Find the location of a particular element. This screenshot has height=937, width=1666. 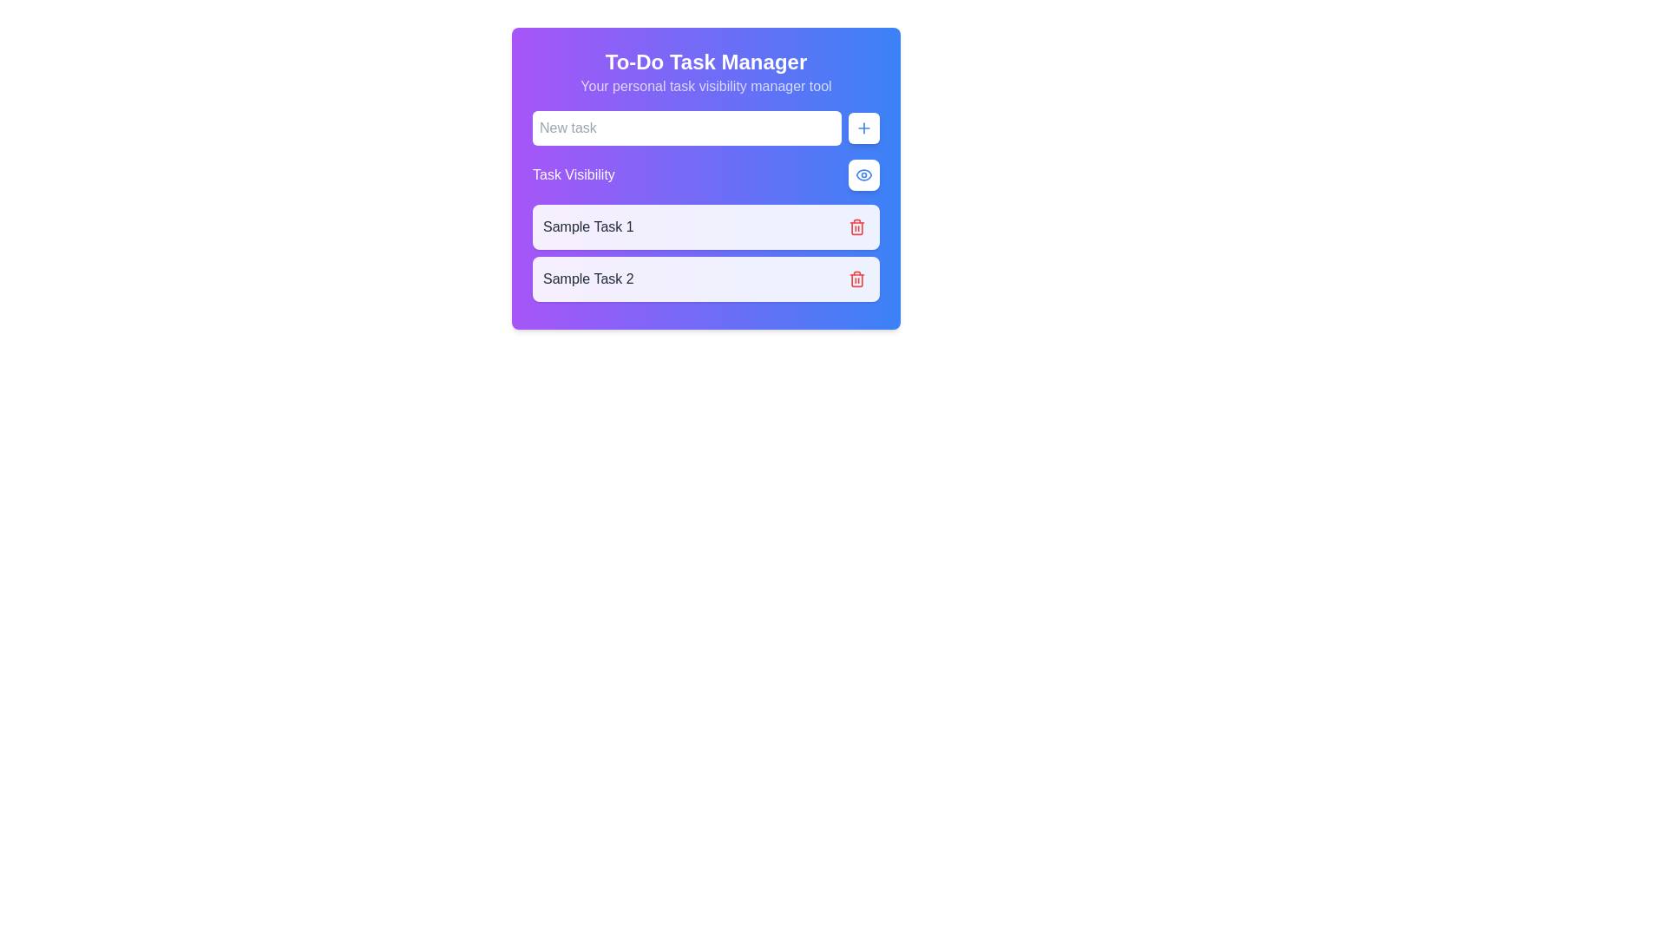

the deletion button for 'Sample Task 1' is located at coordinates (857, 226).